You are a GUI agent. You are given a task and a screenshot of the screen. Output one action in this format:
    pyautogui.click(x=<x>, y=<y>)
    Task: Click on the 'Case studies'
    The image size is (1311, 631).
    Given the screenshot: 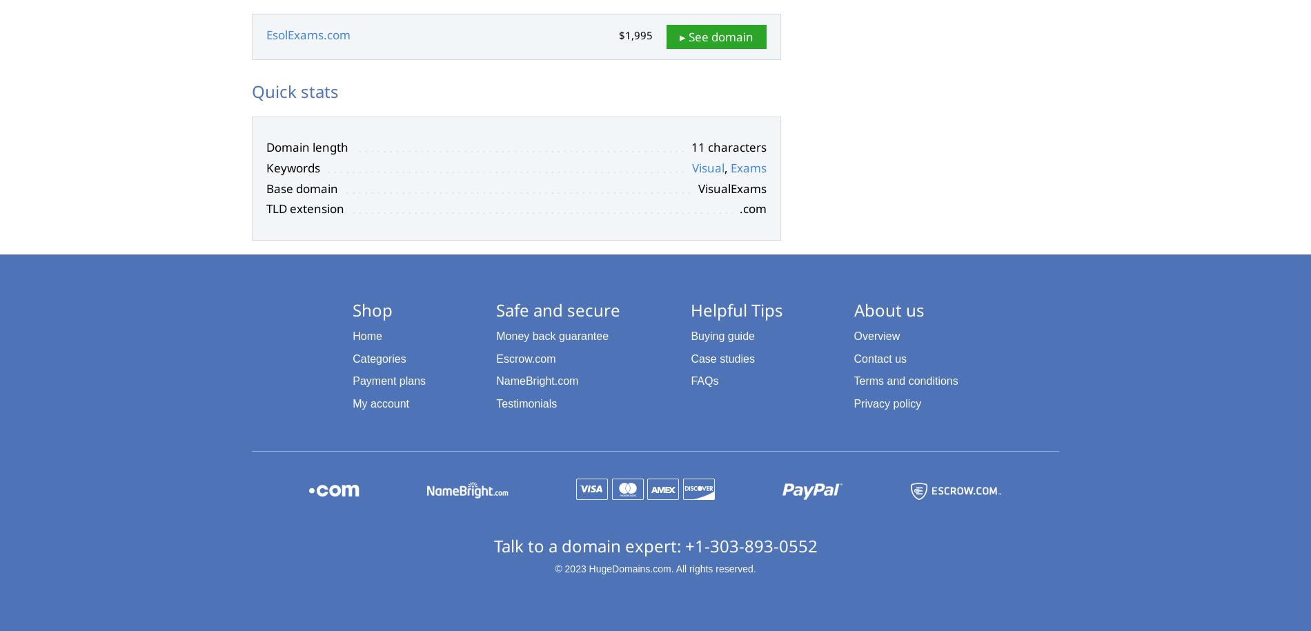 What is the action you would take?
    pyautogui.click(x=722, y=358)
    